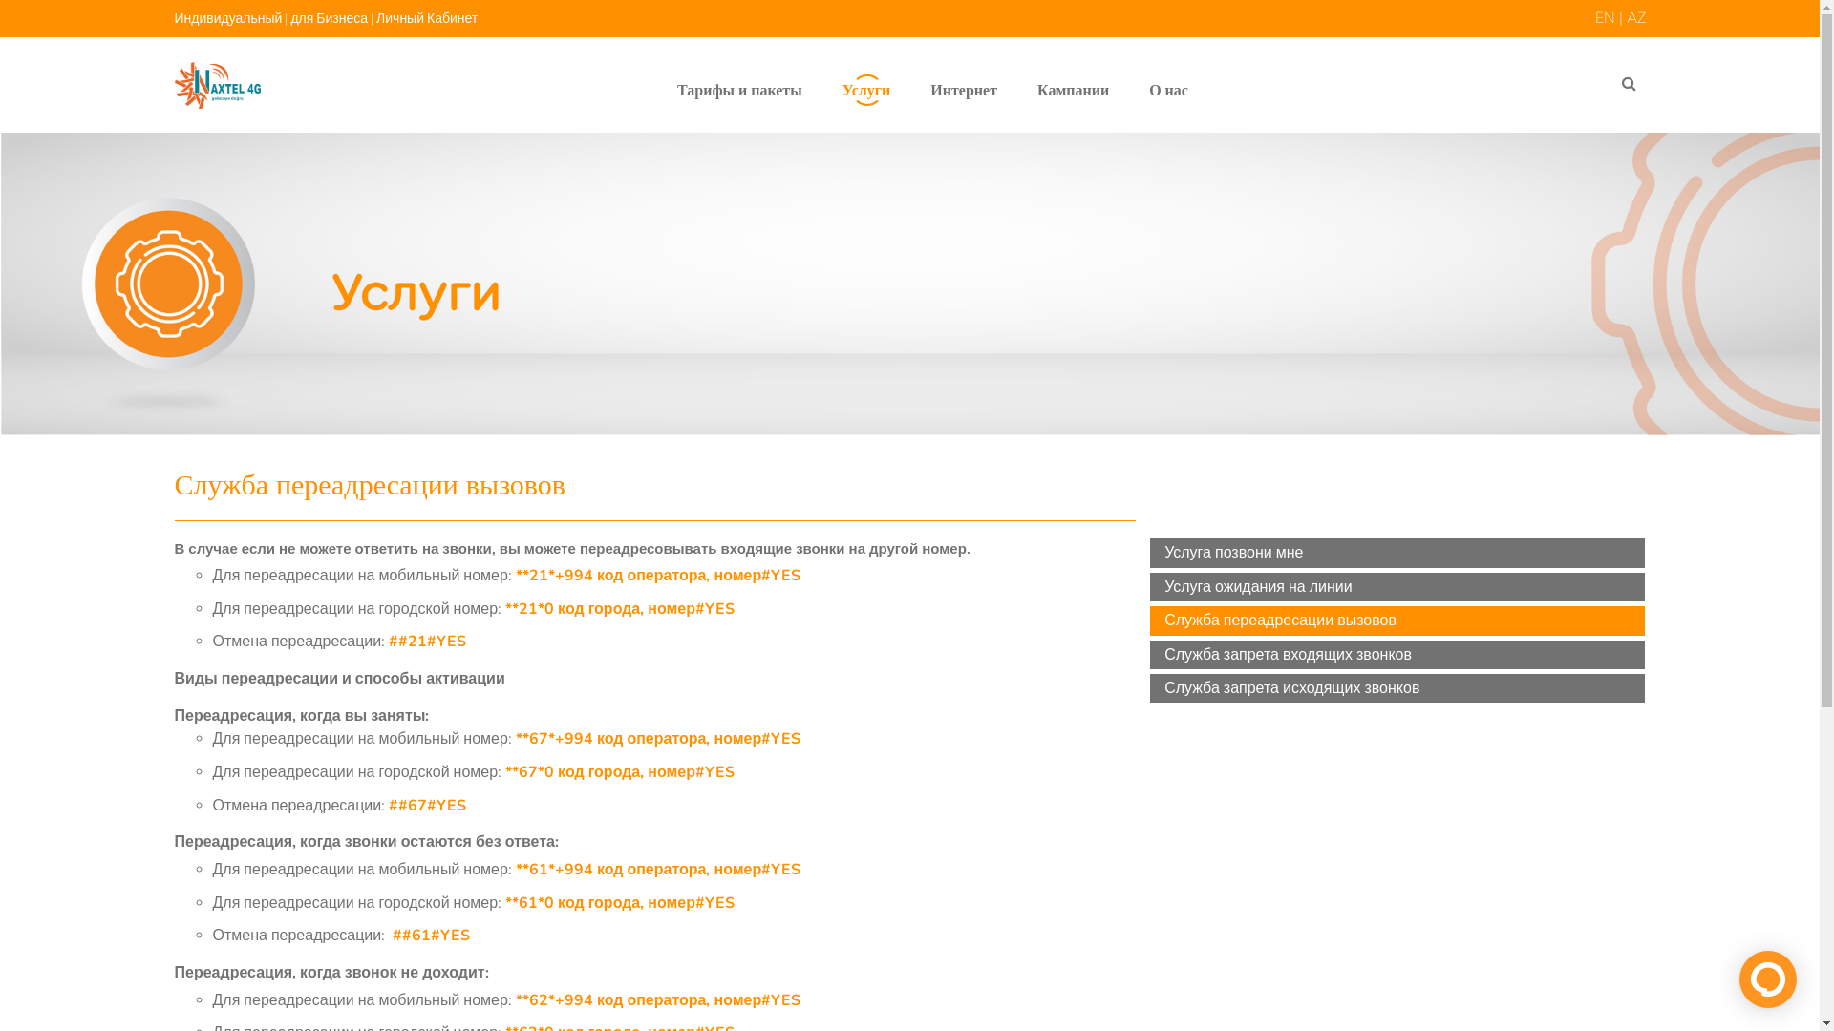 This screenshot has height=1031, width=1834. Describe the element at coordinates (1634, 18) in the screenshot. I see `'AZ'` at that location.